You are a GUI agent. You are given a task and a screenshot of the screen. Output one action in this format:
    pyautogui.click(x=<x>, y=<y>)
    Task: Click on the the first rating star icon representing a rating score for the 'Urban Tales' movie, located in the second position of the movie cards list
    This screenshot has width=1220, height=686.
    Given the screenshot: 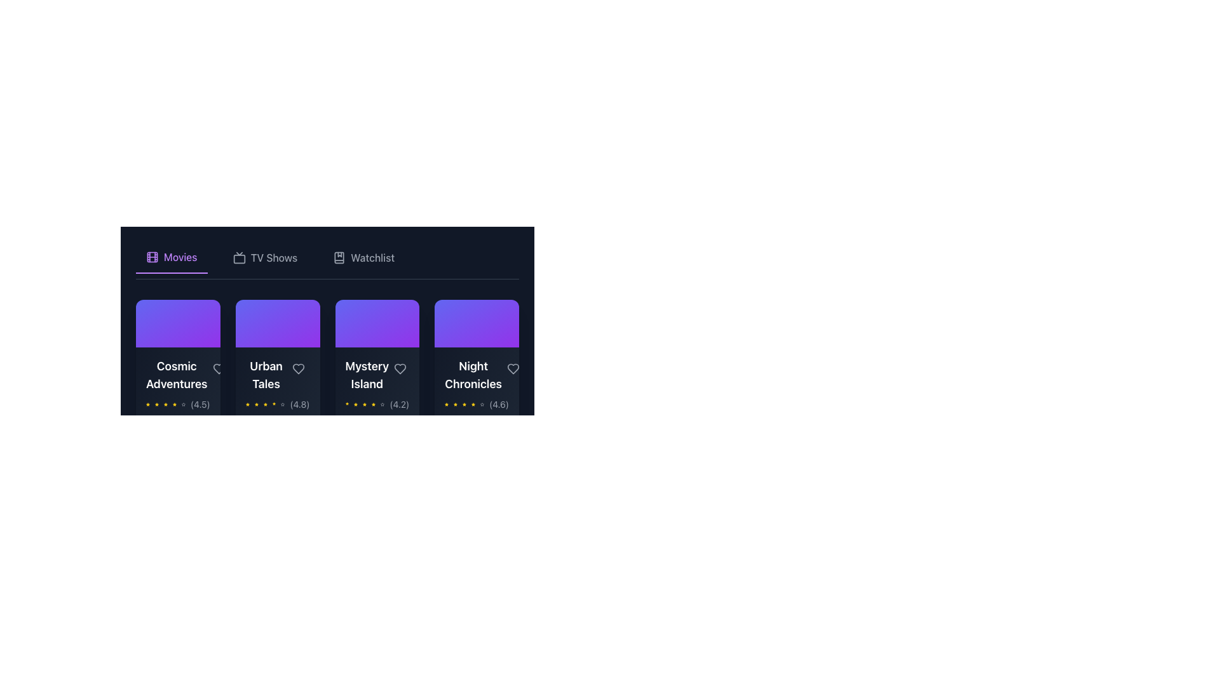 What is the action you would take?
    pyautogui.click(x=247, y=404)
    